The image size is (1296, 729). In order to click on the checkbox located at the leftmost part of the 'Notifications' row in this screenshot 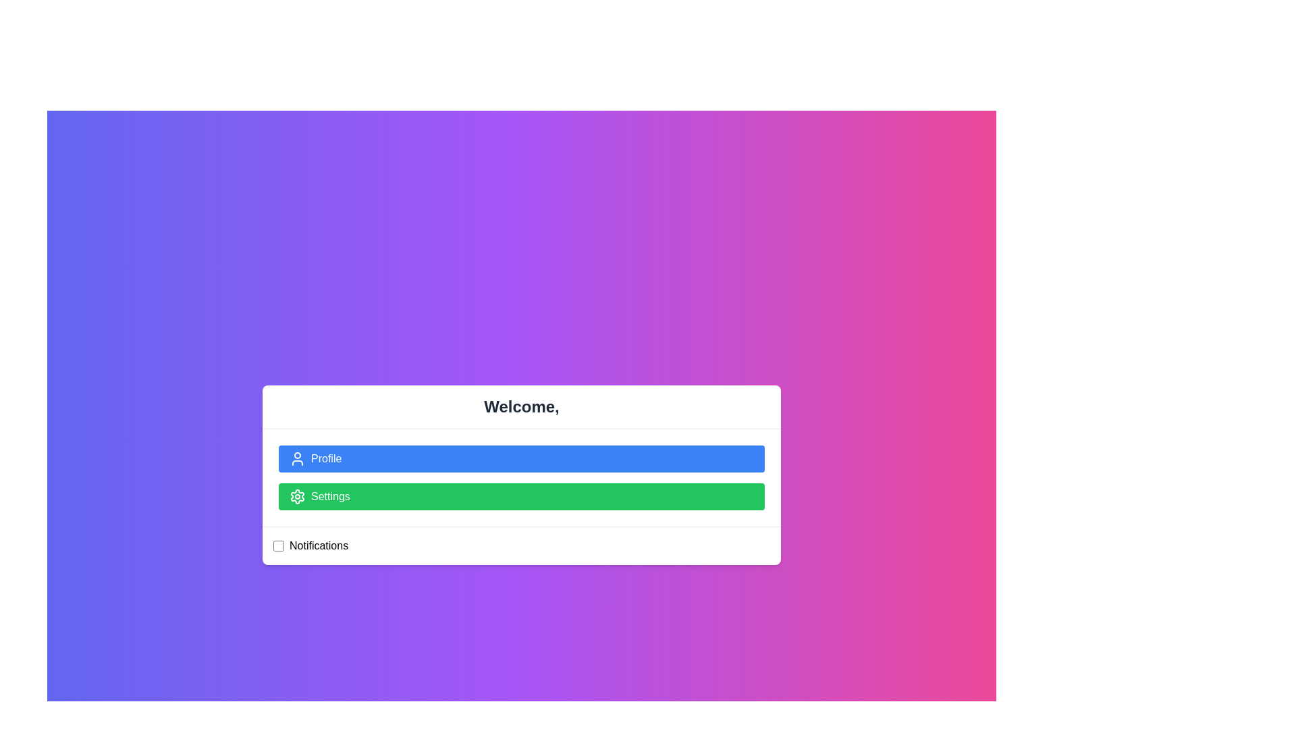, I will do `click(277, 545)`.